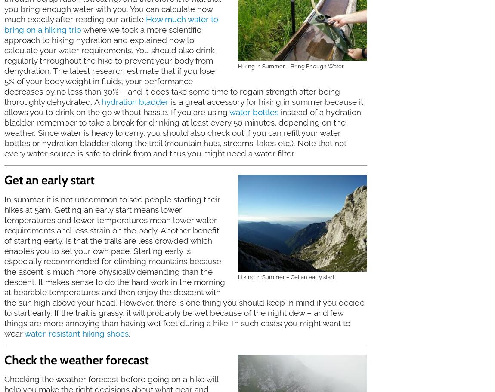 The image size is (495, 392). What do you see at coordinates (49, 180) in the screenshot?
I see `'Get an early start'` at bounding box center [49, 180].